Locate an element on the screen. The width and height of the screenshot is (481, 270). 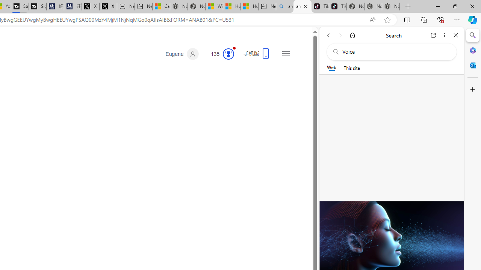
'Class: medal-circled' is located at coordinates (228, 54).